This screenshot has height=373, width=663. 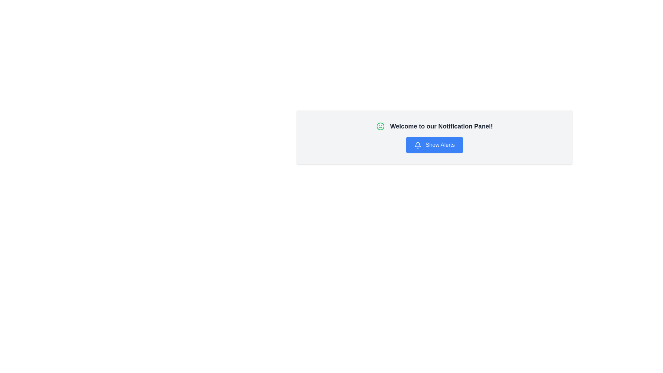 What do you see at coordinates (441, 126) in the screenshot?
I see `the text label displaying 'Welcome to our Notification Panel!' which is located in the top-center part of the notification section` at bounding box center [441, 126].